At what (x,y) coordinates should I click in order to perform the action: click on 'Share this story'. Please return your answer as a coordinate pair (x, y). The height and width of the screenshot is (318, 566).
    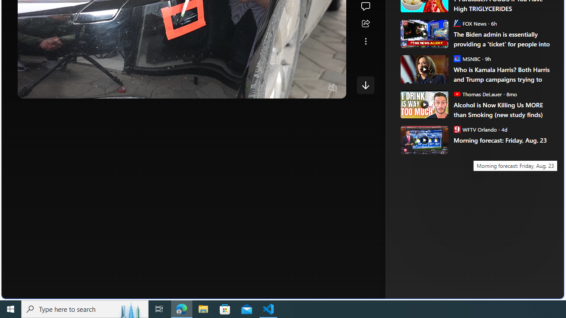
    Looking at the image, I should click on (365, 23).